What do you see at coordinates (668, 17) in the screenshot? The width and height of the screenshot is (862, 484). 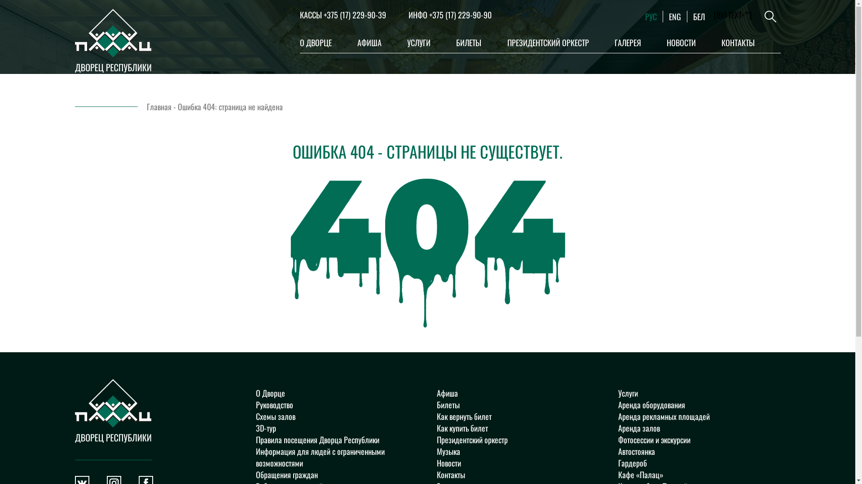 I see `'ENG'` at bounding box center [668, 17].